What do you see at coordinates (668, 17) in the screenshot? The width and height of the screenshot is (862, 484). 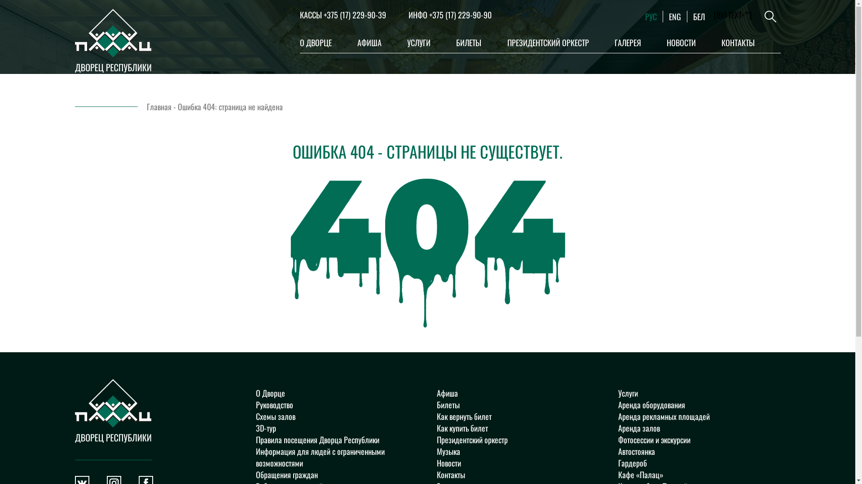 I see `'ENG'` at bounding box center [668, 17].